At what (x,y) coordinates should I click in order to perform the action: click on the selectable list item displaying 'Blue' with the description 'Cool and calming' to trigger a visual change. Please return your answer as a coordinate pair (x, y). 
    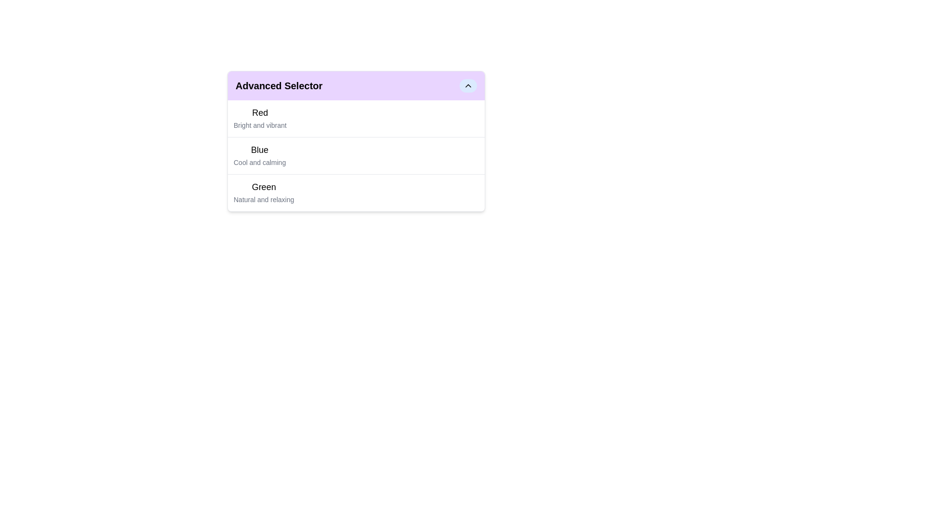
    Looking at the image, I should click on (260, 155).